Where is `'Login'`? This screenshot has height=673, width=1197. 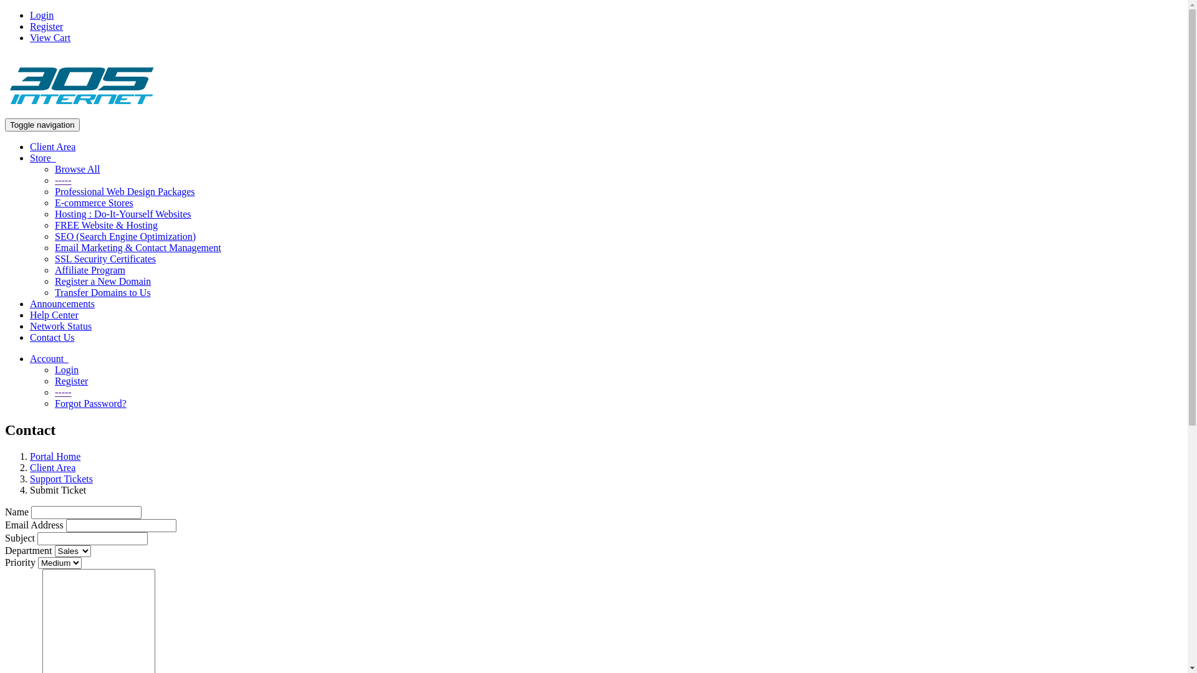 'Login' is located at coordinates (65, 369).